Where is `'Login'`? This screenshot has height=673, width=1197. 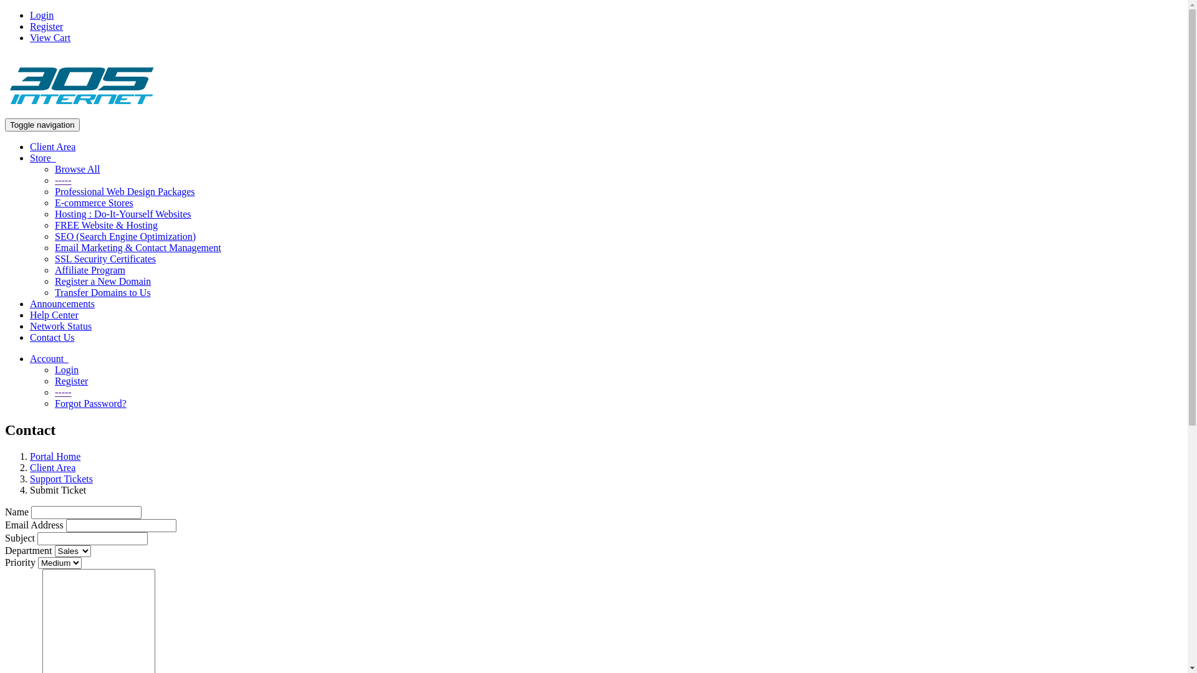 'Login' is located at coordinates (65, 369).